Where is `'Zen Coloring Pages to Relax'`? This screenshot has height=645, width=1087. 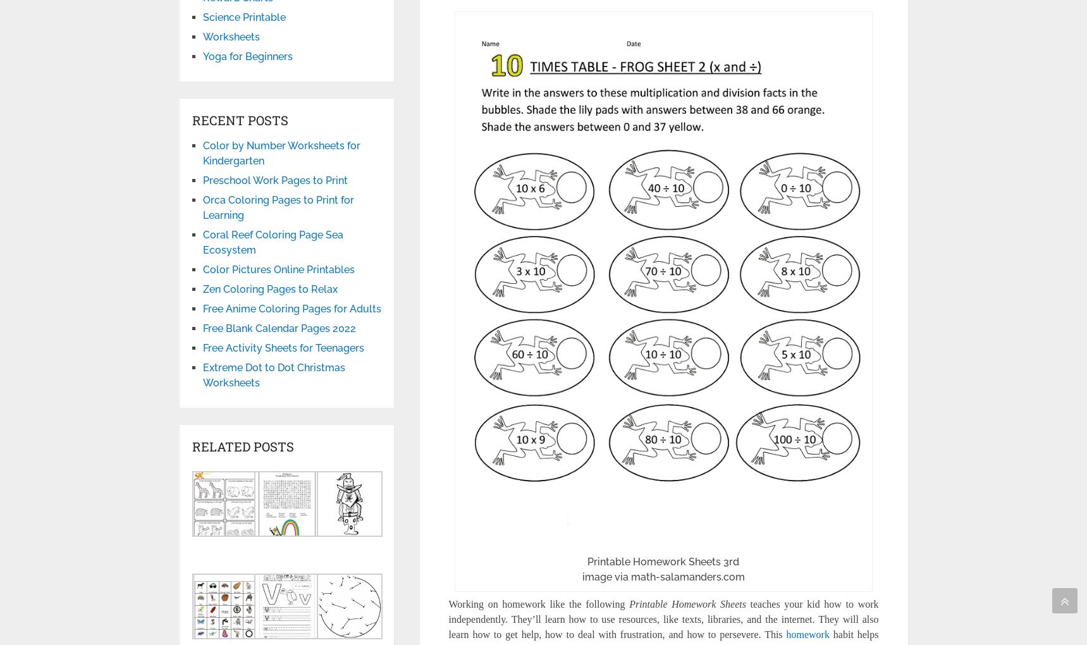
'Zen Coloring Pages to Relax' is located at coordinates (269, 288).